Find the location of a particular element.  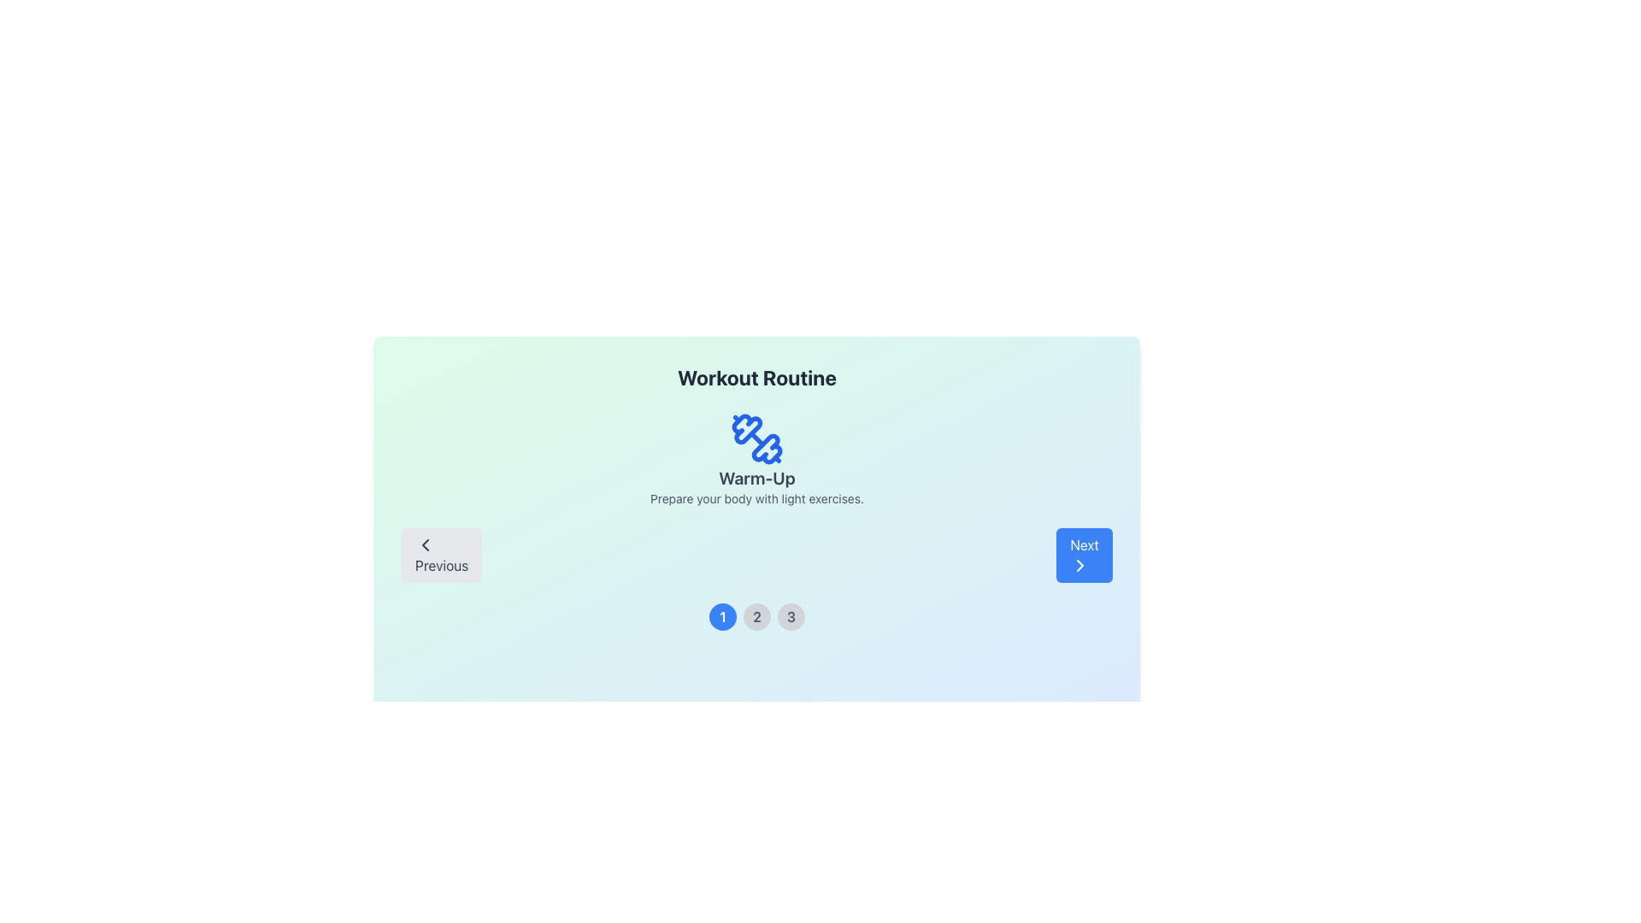

the 'Previous' button located at the bottom-left side of the navigation control group is located at coordinates (442, 556).